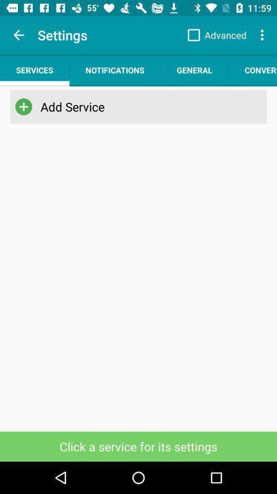 The width and height of the screenshot is (277, 494). What do you see at coordinates (24, 107) in the screenshot?
I see `item next to add service app` at bounding box center [24, 107].